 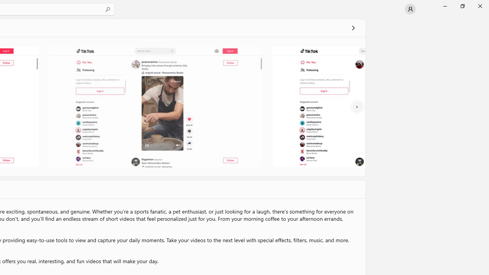 What do you see at coordinates (479, 6) in the screenshot?
I see `'Close Microsoft Store'` at bounding box center [479, 6].